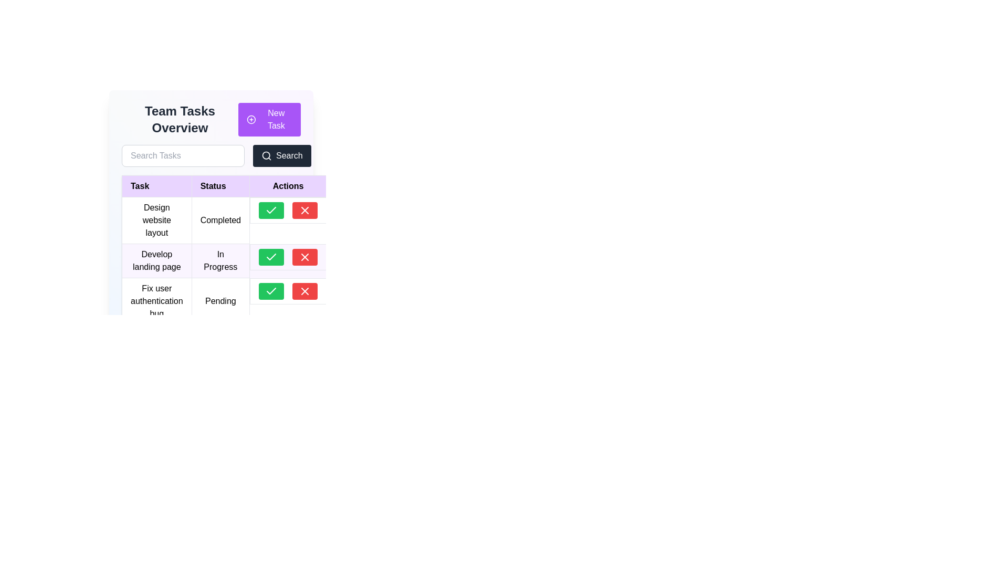  I want to click on the green checkmark icon within the 'Actions' column of the task table, so click(271, 291).